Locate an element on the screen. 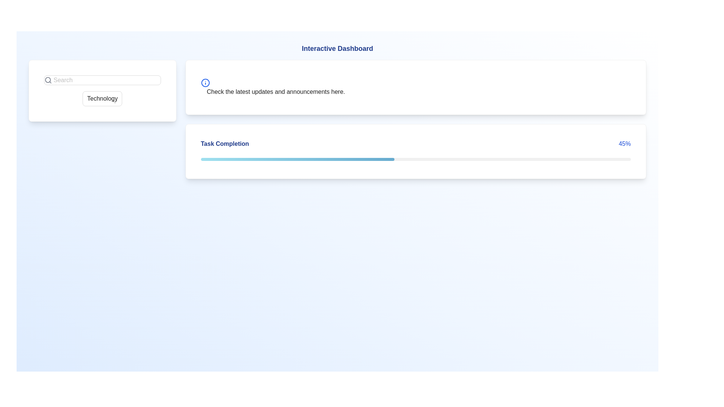  the 'Technology' button, which is a stylized rectangular tag with rounded corners is located at coordinates (102, 90).